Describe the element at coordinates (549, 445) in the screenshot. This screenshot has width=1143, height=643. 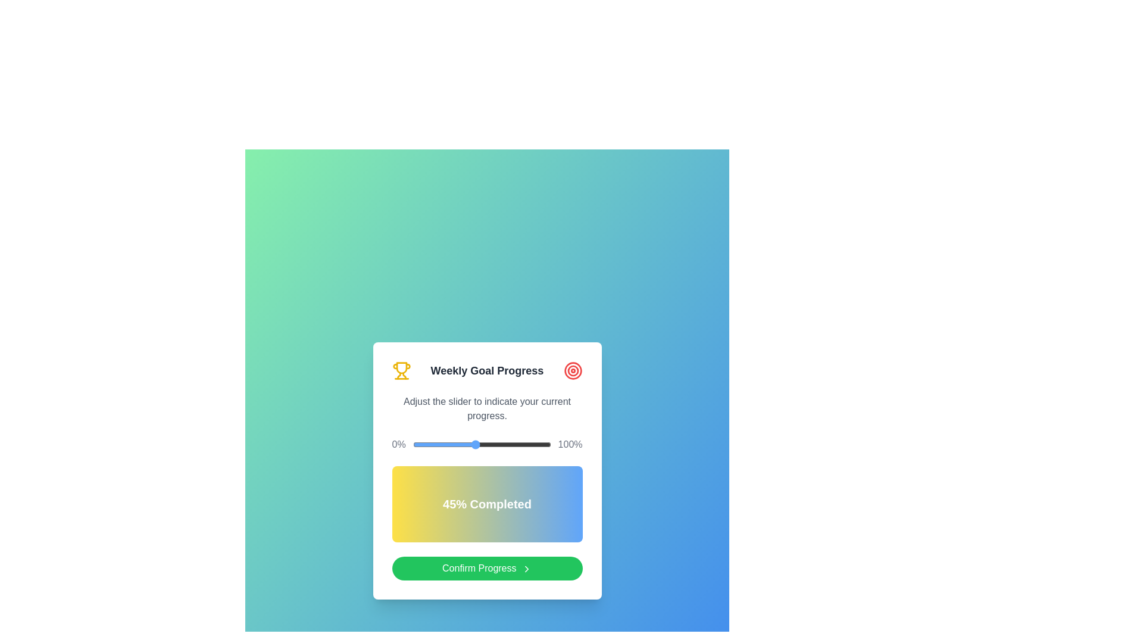
I see `the progress slider to set the progress to 99%` at that location.